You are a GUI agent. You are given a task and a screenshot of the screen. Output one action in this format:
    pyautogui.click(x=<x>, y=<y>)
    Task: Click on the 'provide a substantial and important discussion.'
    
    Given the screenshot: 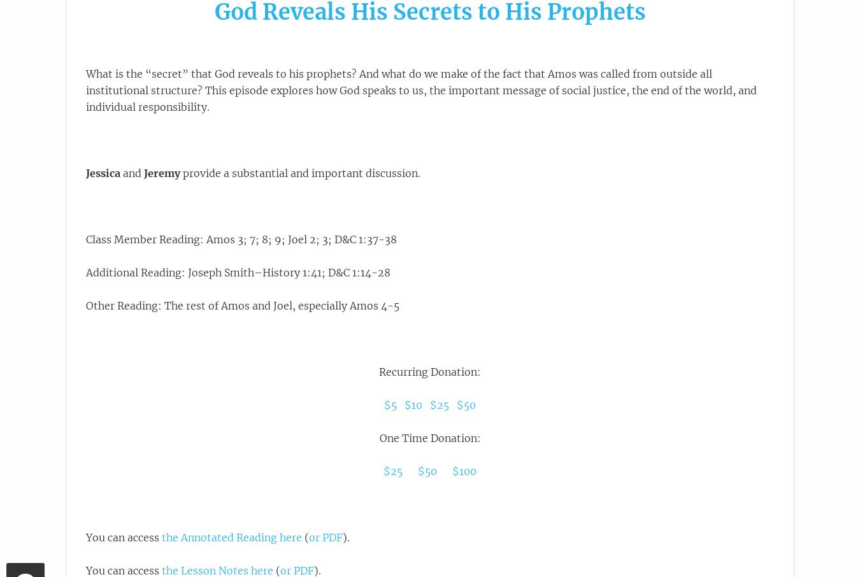 What is the action you would take?
    pyautogui.click(x=179, y=173)
    